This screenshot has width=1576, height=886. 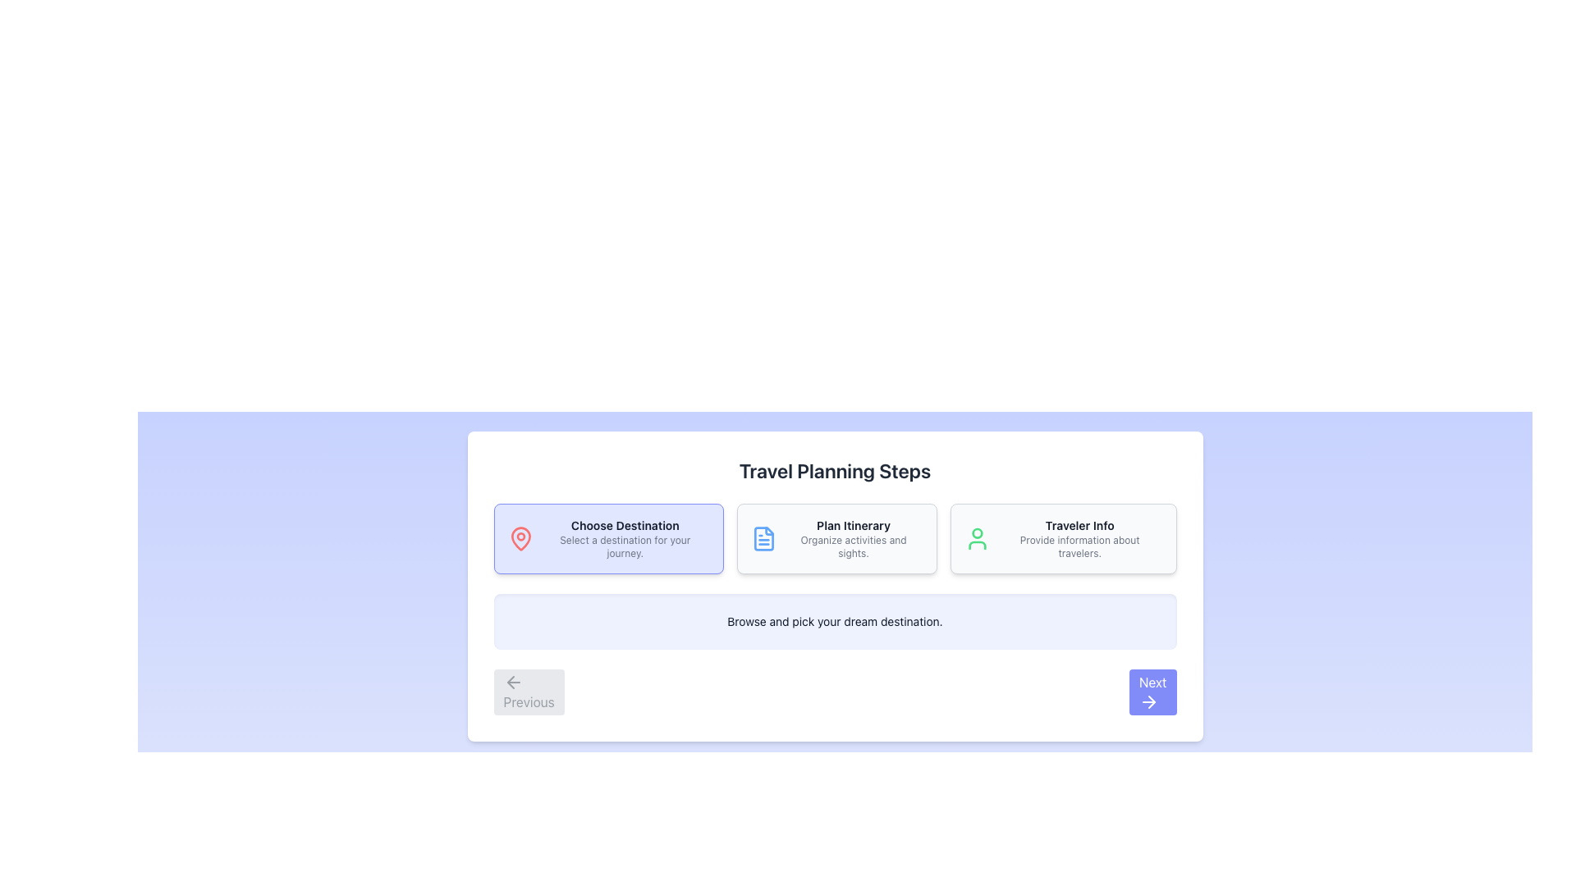 I want to click on the 'Plan Itinerary' text label, which is a bold, dark-colored label located at the top of the middle card among three horizontally aligned blocks, so click(x=854, y=525).